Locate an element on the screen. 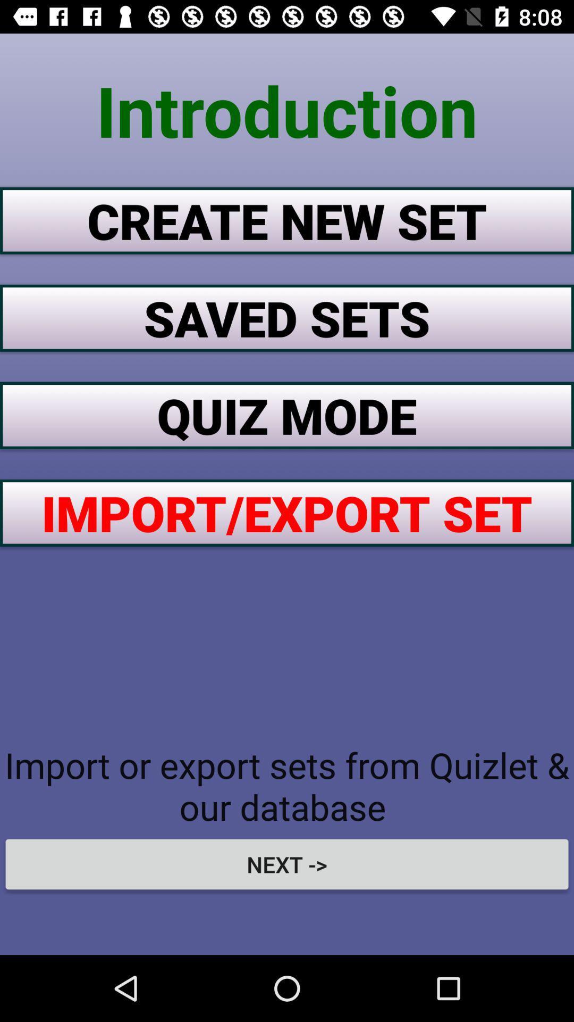 Image resolution: width=574 pixels, height=1022 pixels. item above saved sets button is located at coordinates (287, 220).